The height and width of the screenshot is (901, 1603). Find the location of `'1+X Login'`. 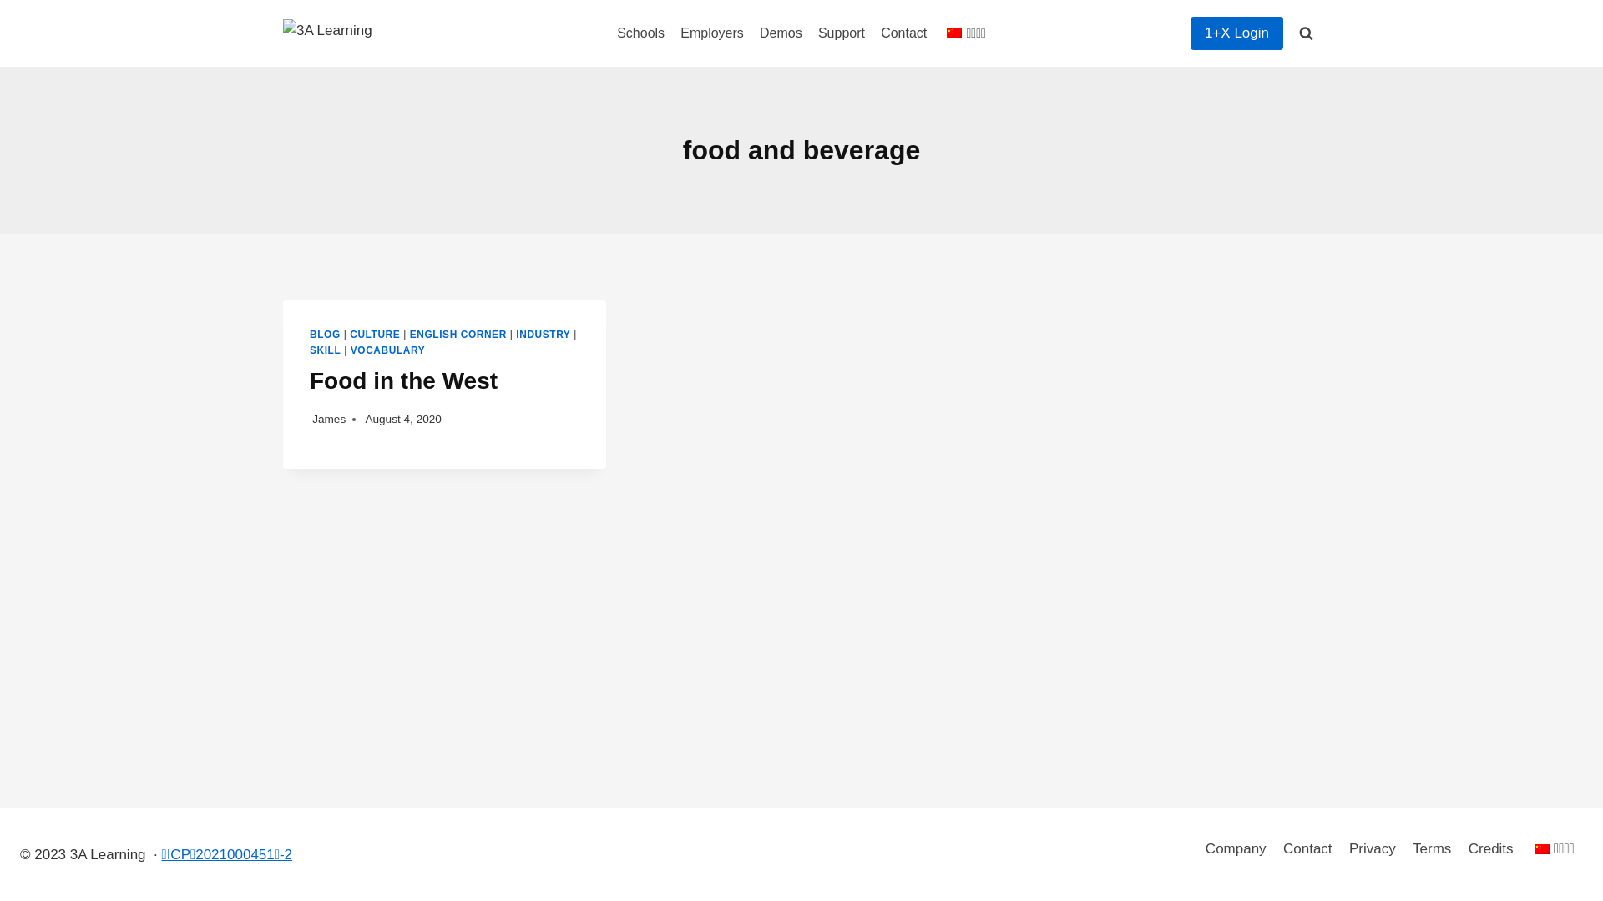

'1+X Login' is located at coordinates (1236, 33).